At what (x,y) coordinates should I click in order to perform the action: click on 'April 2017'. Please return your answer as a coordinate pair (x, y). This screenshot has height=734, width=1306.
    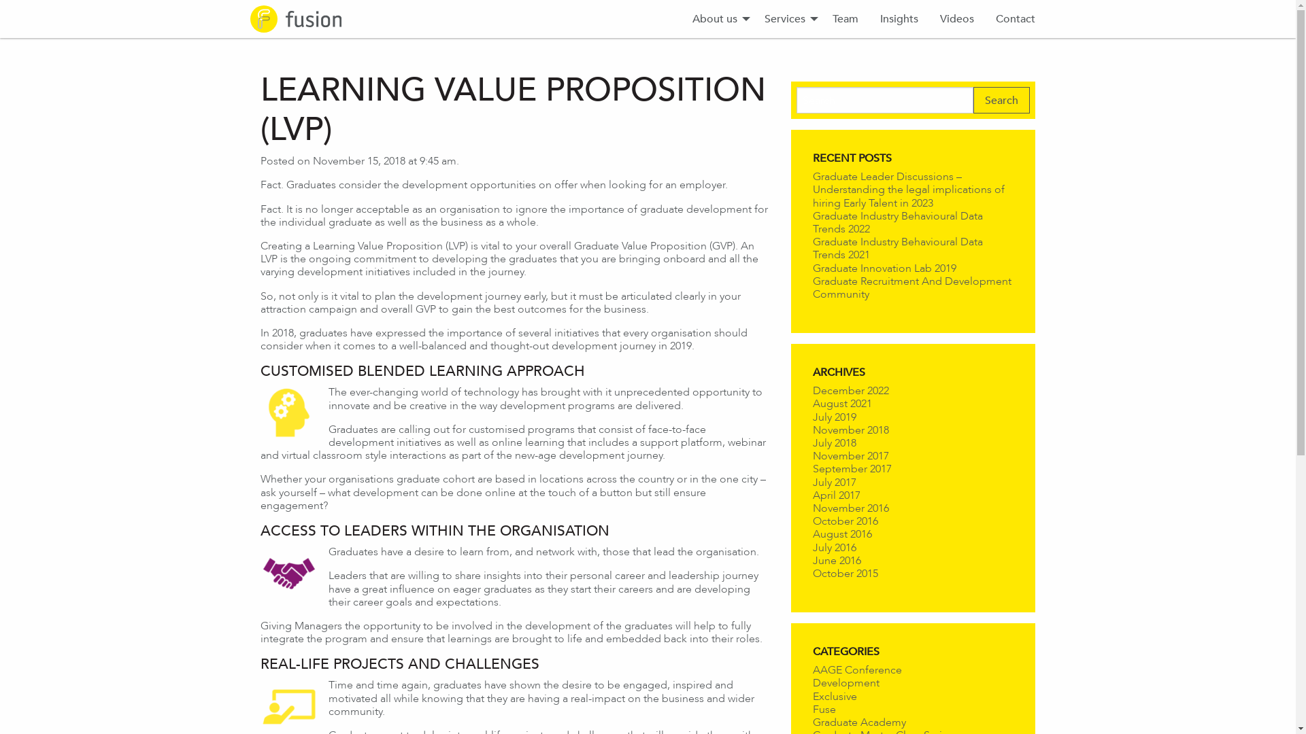
    Looking at the image, I should click on (835, 495).